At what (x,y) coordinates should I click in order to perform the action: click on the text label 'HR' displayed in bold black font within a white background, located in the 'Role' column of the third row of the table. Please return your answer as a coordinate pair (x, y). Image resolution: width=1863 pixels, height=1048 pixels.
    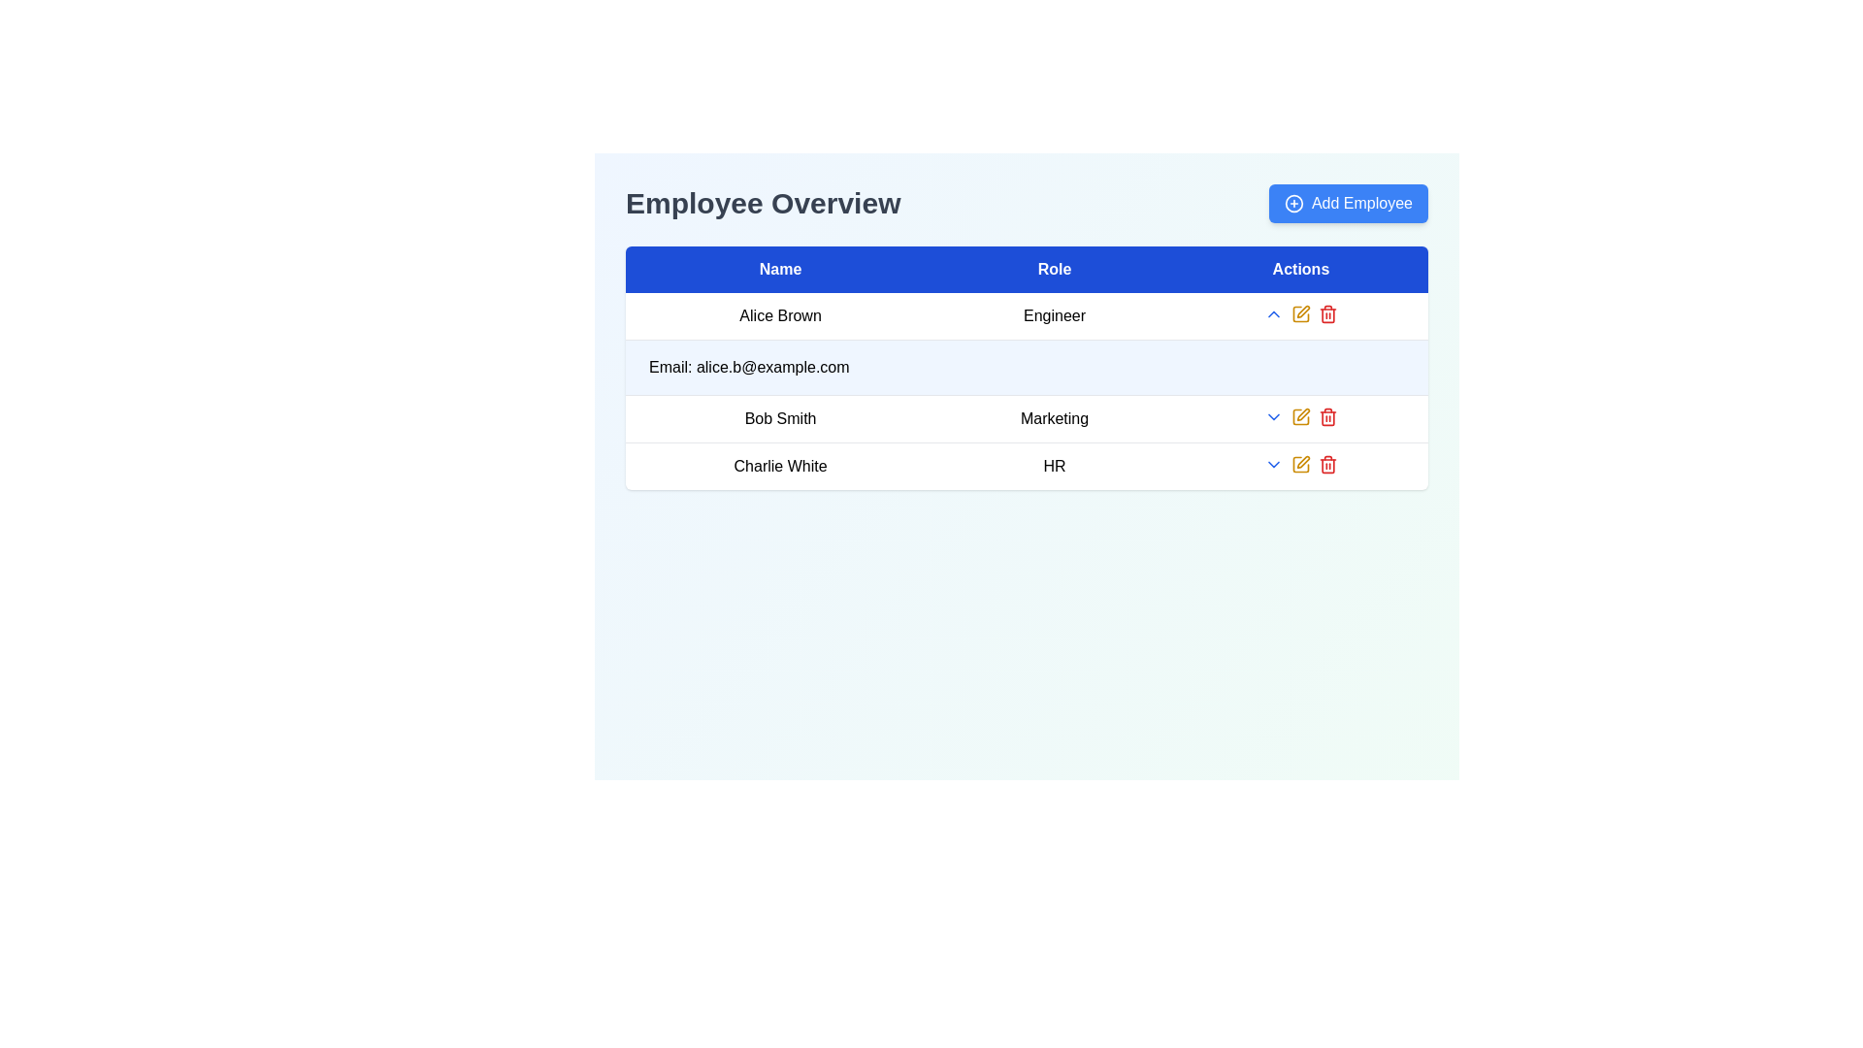
    Looking at the image, I should click on (1054, 466).